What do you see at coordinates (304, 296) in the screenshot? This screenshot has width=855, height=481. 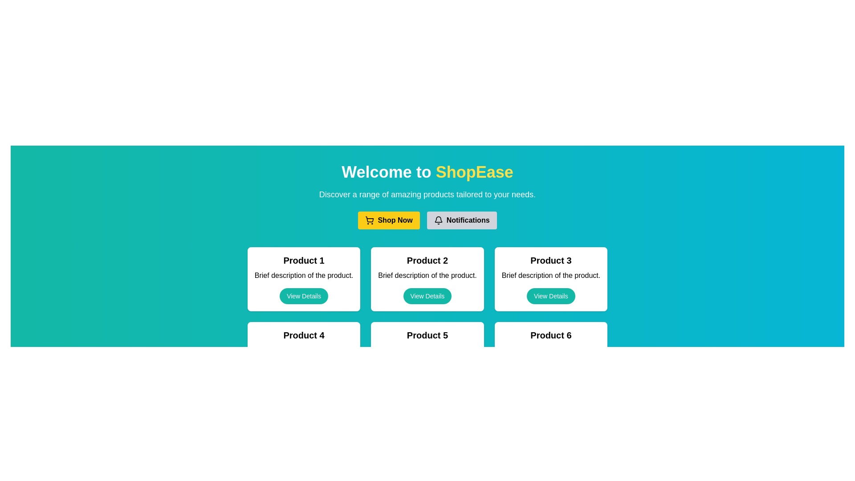 I see `the 'View Details' button with a teal background and white text for keyboard navigation` at bounding box center [304, 296].